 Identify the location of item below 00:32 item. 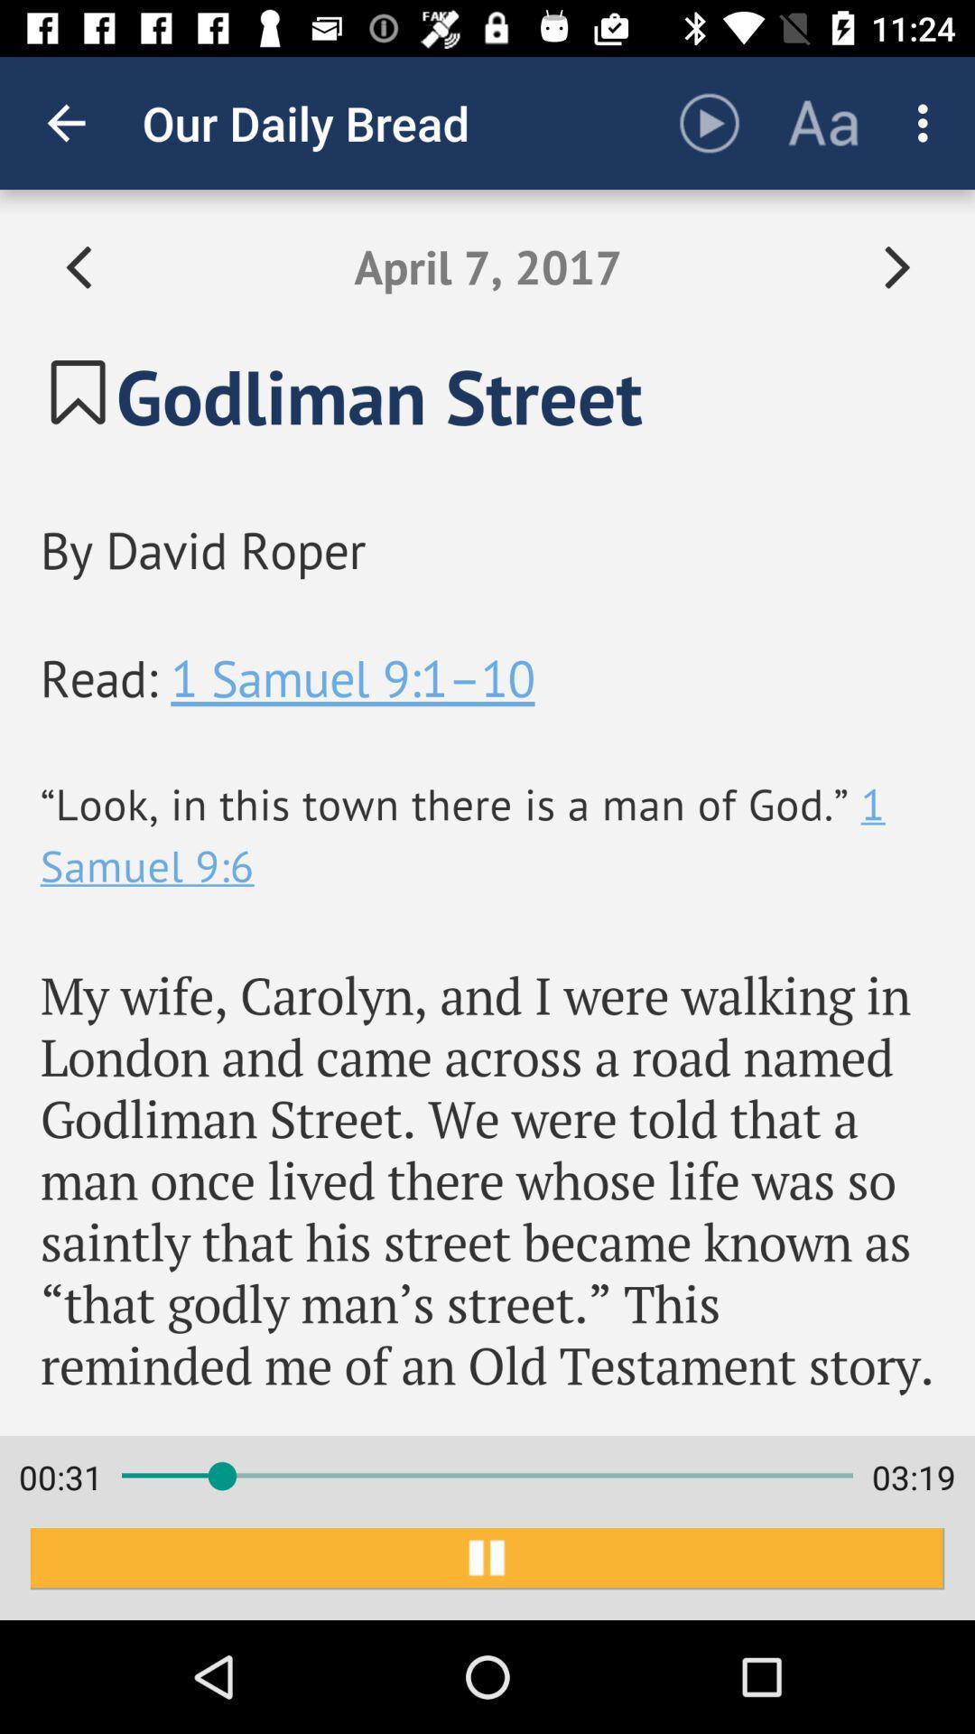
(487, 1558).